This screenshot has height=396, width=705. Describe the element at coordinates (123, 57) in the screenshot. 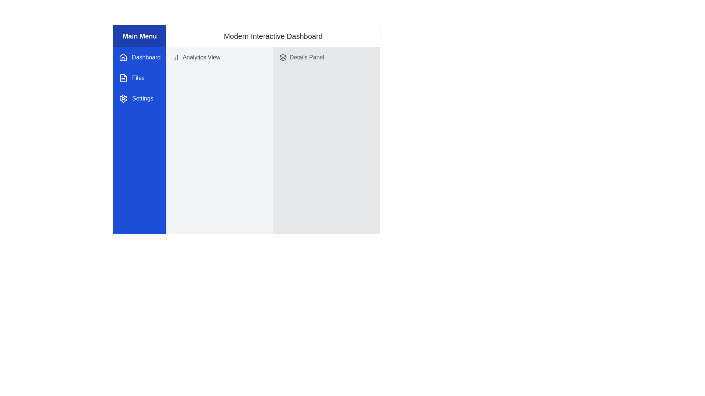

I see `the house icon with a white outline and blue background, located on the vertical navigation bar` at that location.